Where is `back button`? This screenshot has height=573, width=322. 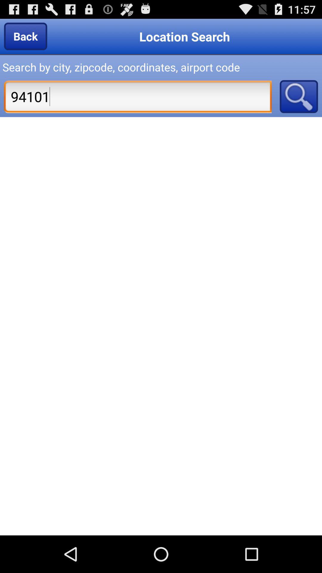
back button is located at coordinates (25, 36).